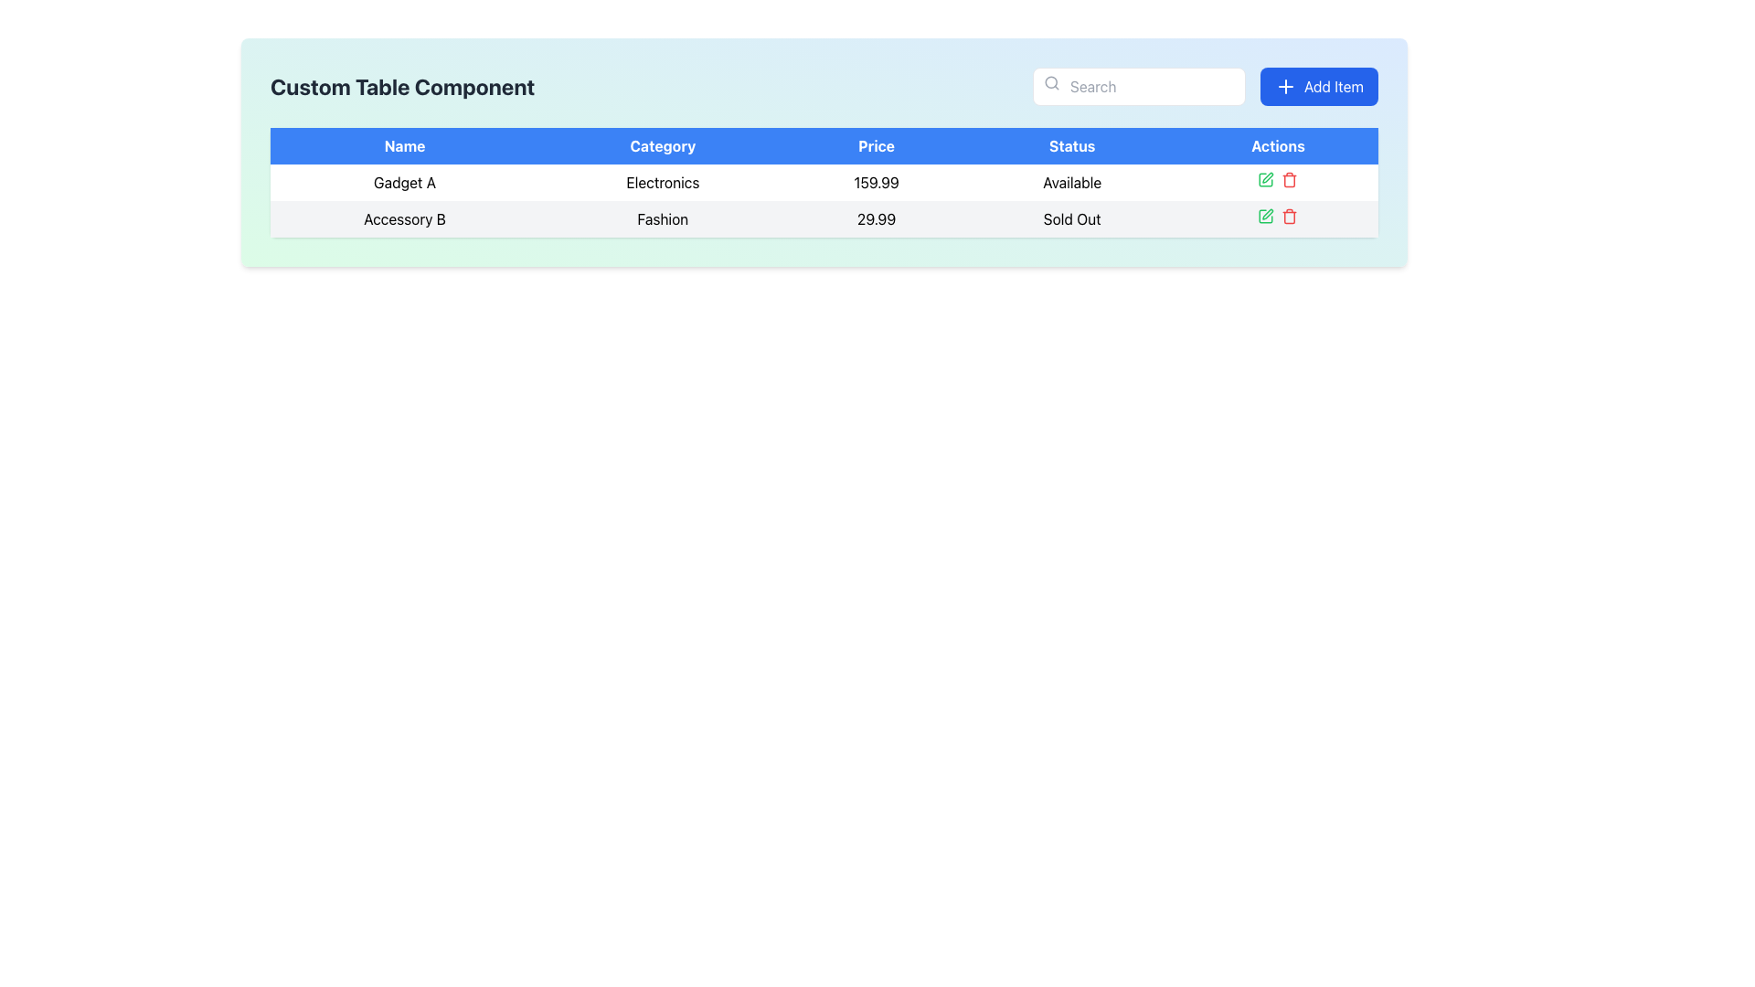 The width and height of the screenshot is (1755, 987). Describe the element at coordinates (1052, 83) in the screenshot. I see `the small circular magnifying glass icon, which is gray in color and located inside the search bar, positioned towards the top left adjacent to the input field` at that location.